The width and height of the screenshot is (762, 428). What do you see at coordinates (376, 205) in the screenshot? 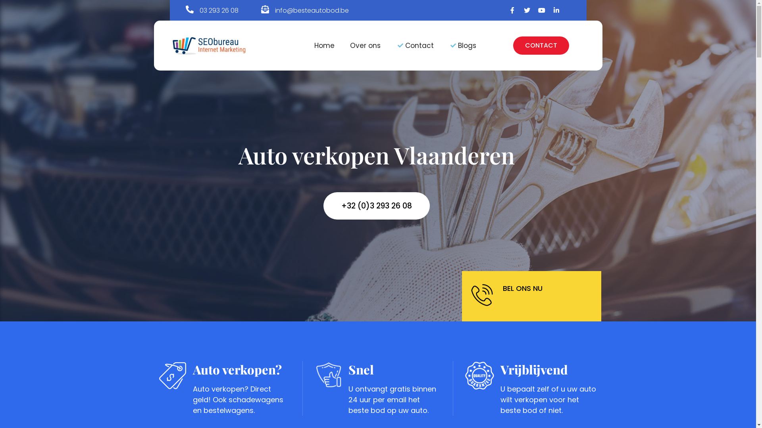
I see `'+32 (0)3 293 26 08'` at bounding box center [376, 205].